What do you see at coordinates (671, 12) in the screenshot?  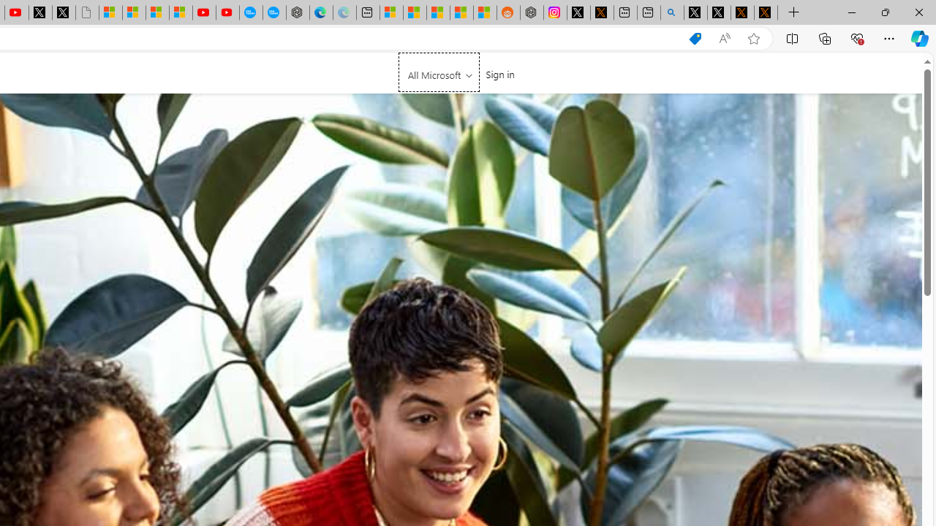 I see `'github - Search'` at bounding box center [671, 12].